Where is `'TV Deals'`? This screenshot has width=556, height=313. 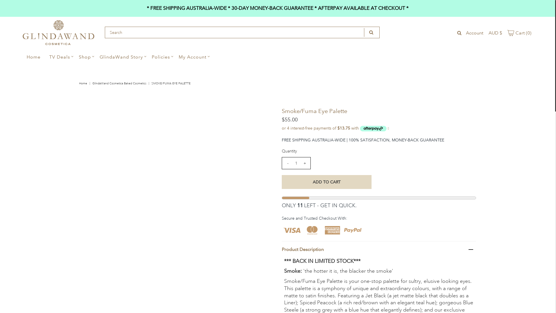 'TV Deals' is located at coordinates (60, 57).